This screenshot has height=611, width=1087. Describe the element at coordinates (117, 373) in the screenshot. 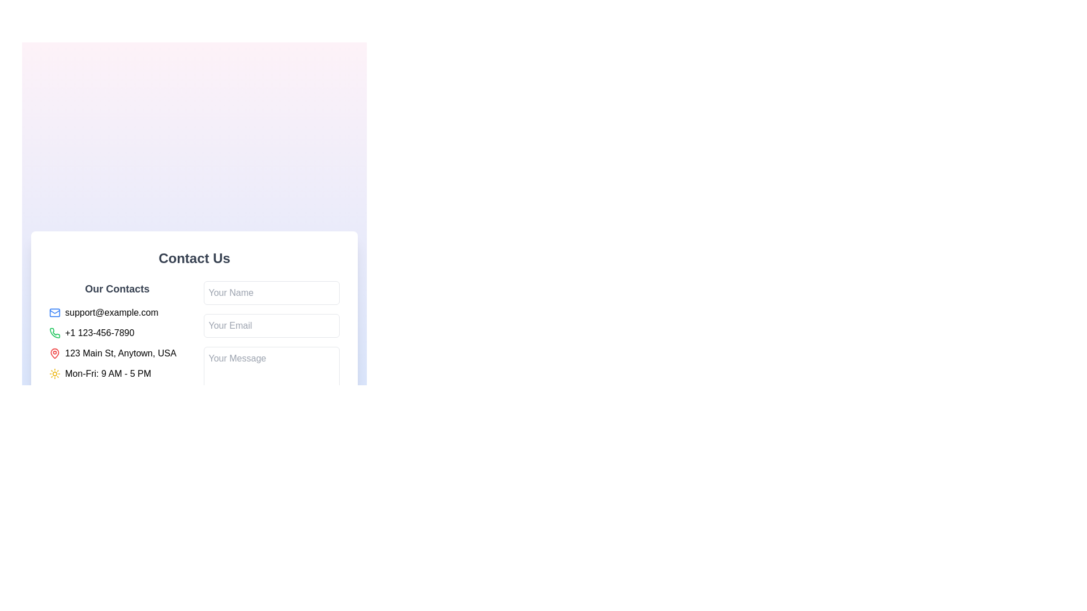

I see `informational text indicating the operational hours, which is located at the bottom of the contact details list in the 'Our Contacts' box` at that location.